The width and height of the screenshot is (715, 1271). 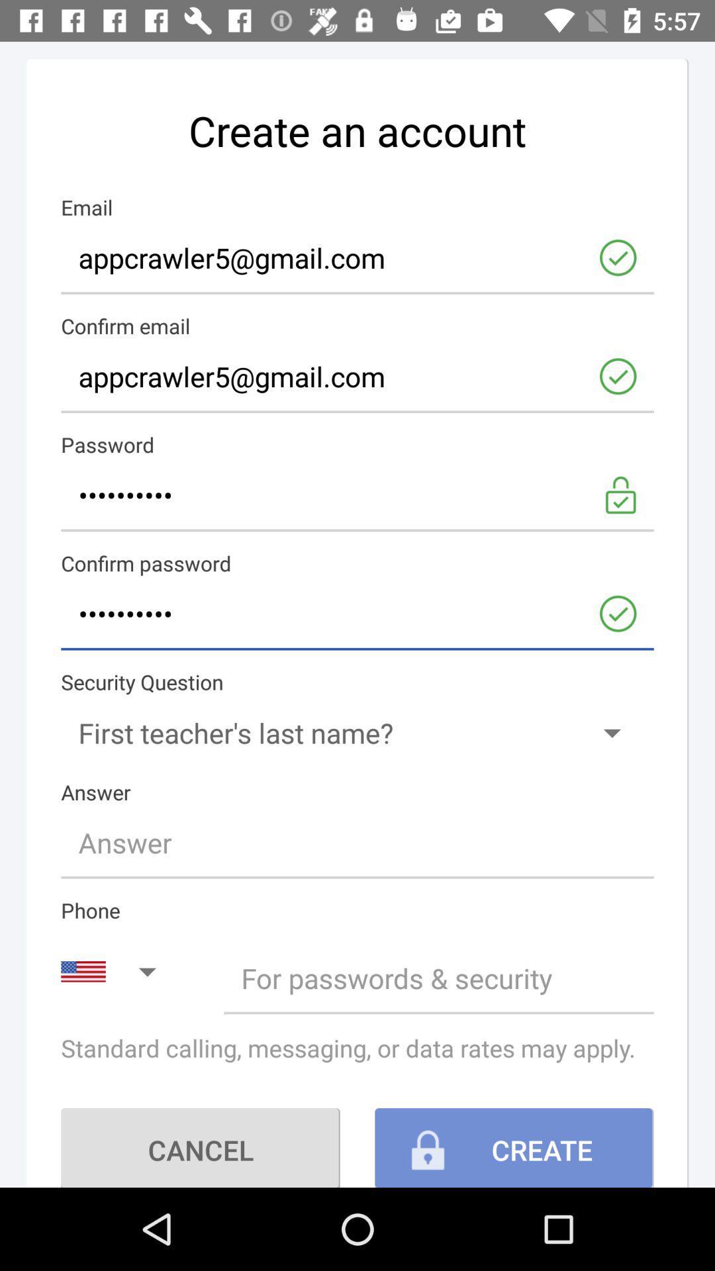 What do you see at coordinates (358, 841) in the screenshot?
I see `answer button` at bounding box center [358, 841].